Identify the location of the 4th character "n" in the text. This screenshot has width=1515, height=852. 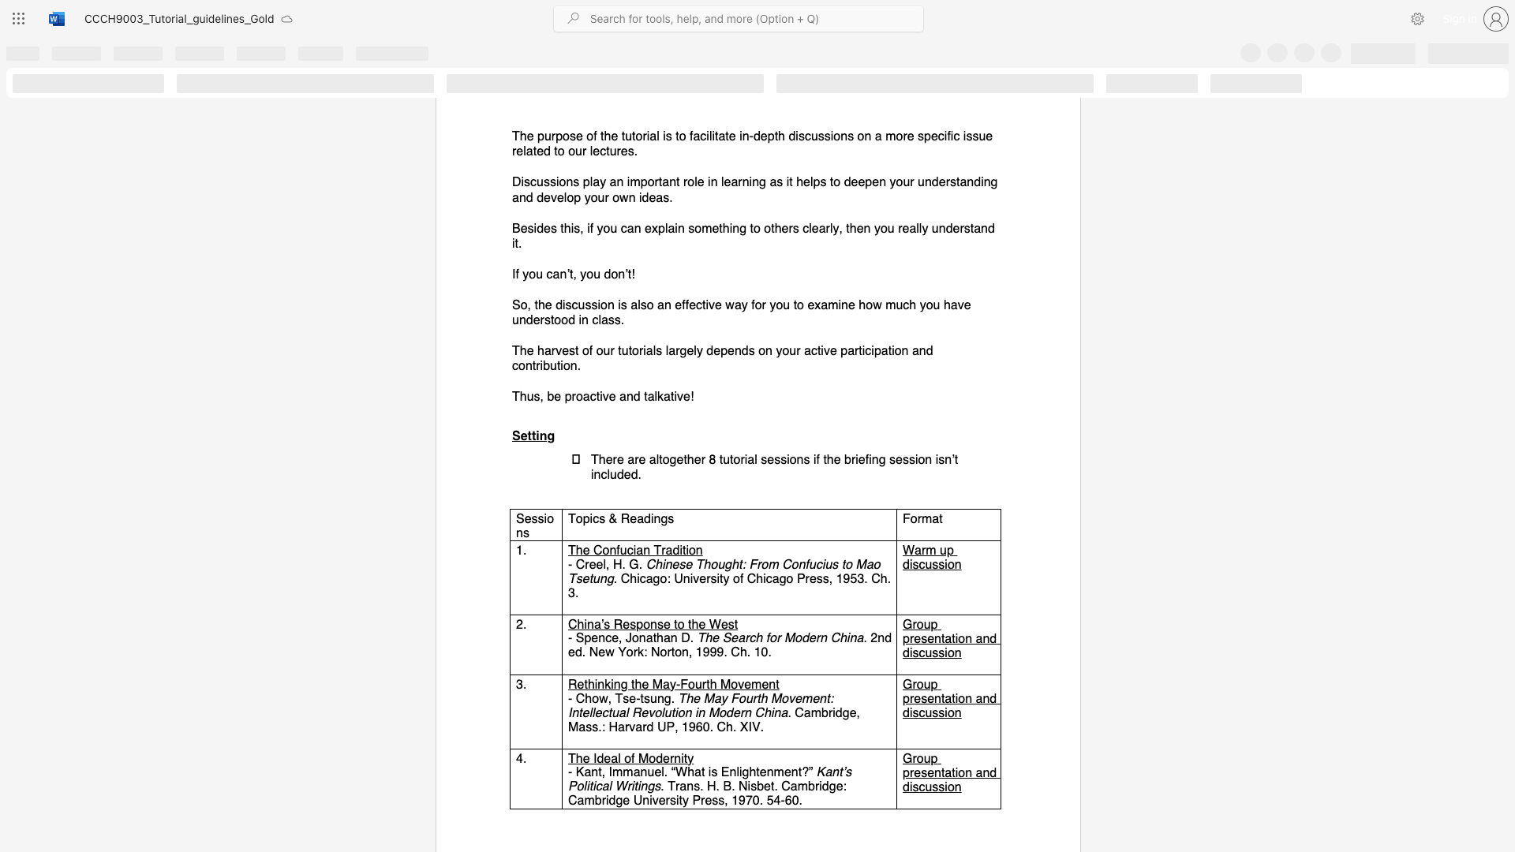
(922, 349).